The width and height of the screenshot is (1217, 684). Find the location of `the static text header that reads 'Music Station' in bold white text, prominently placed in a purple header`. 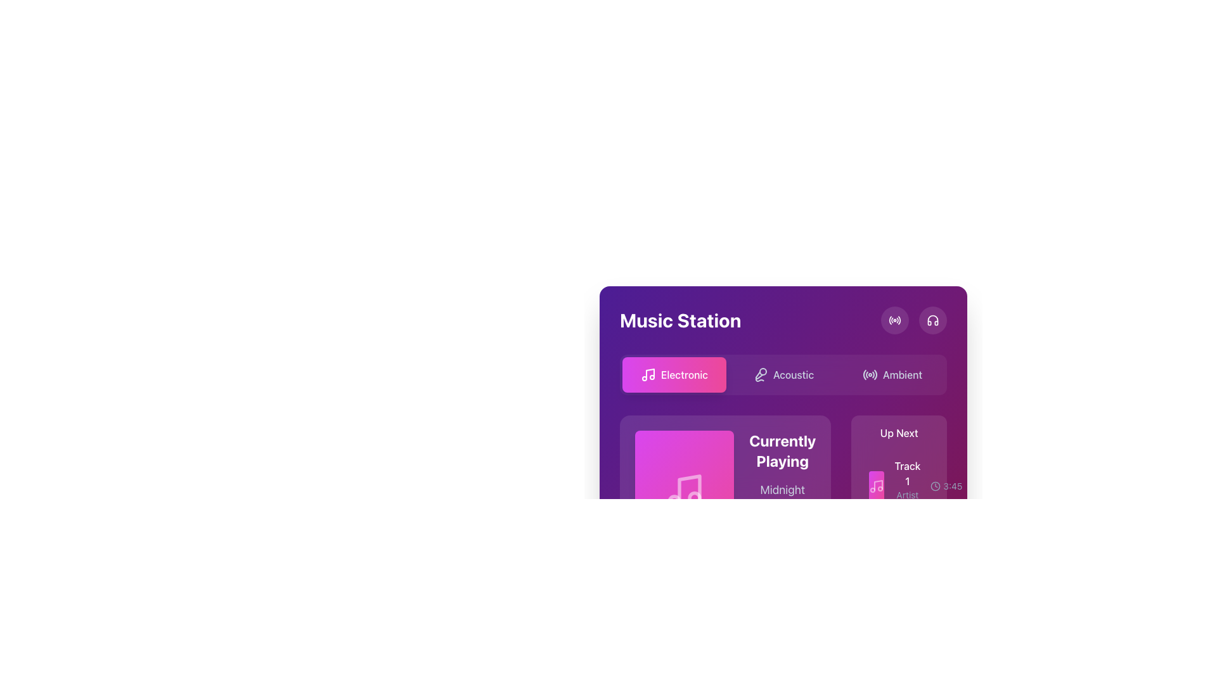

the static text header that reads 'Music Station' in bold white text, prominently placed in a purple header is located at coordinates (679, 319).